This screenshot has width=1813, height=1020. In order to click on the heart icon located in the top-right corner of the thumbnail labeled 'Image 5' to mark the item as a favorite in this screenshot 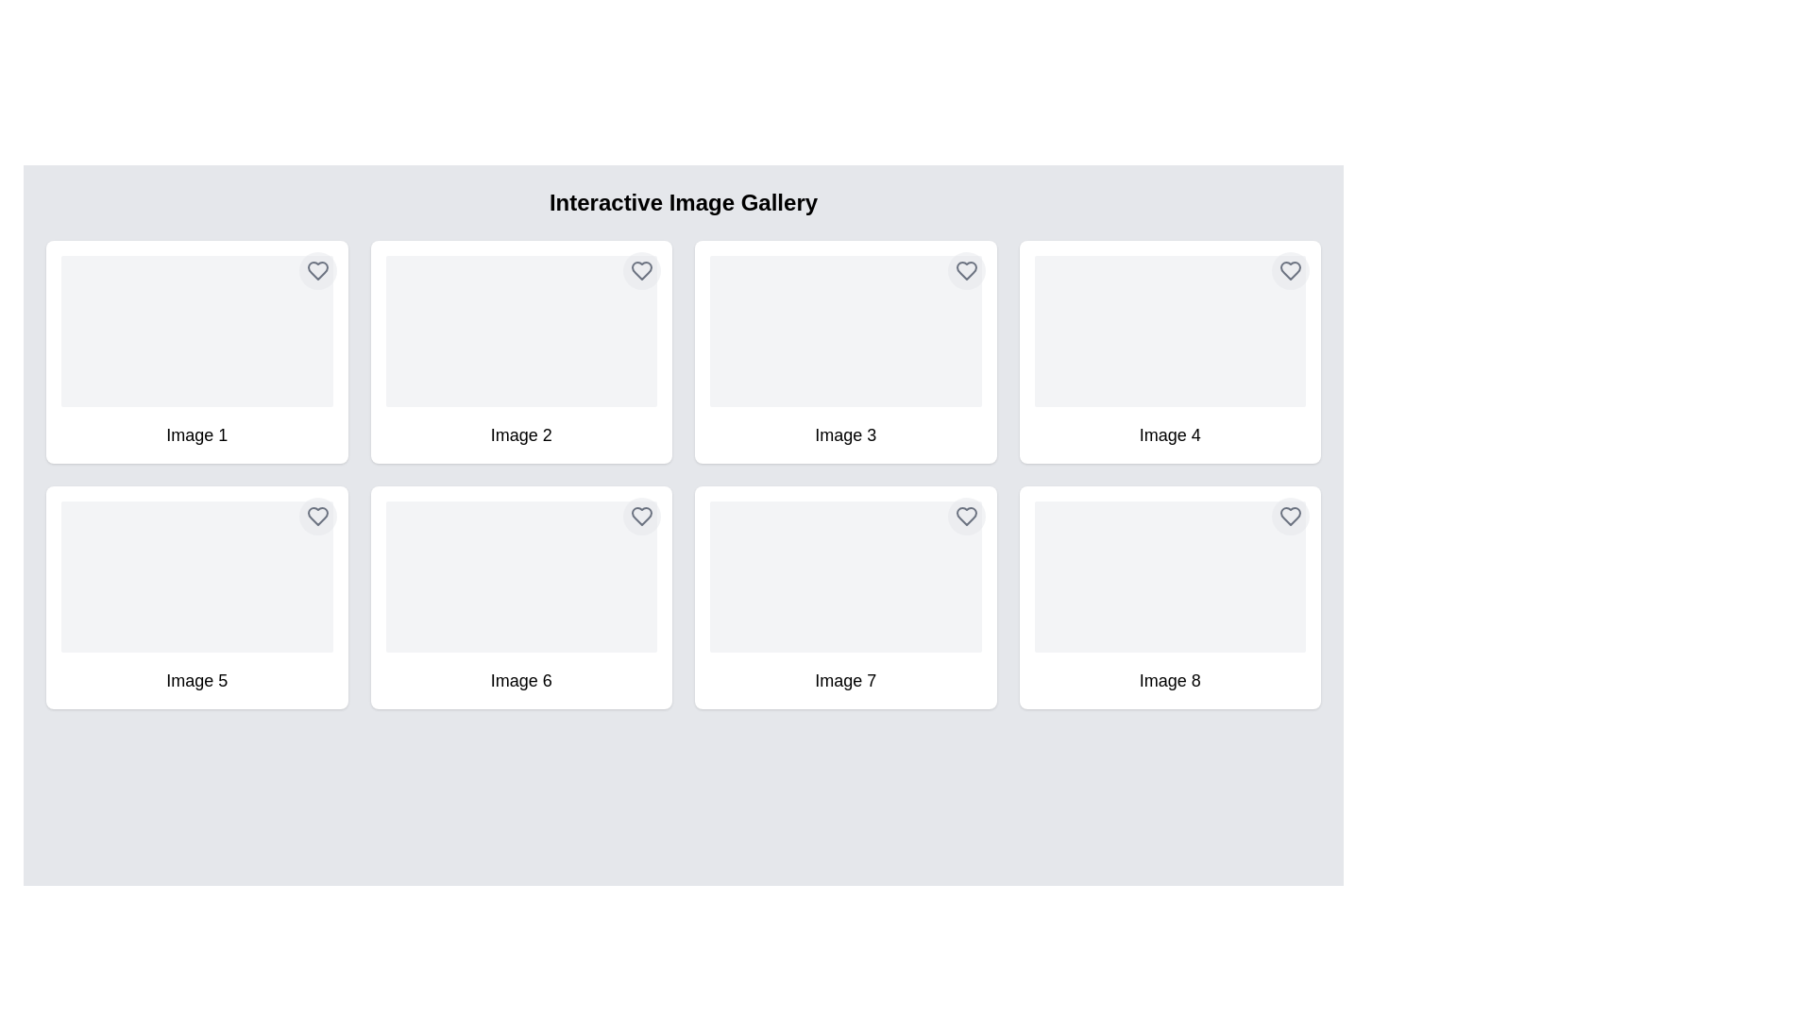, I will do `click(317, 517)`.